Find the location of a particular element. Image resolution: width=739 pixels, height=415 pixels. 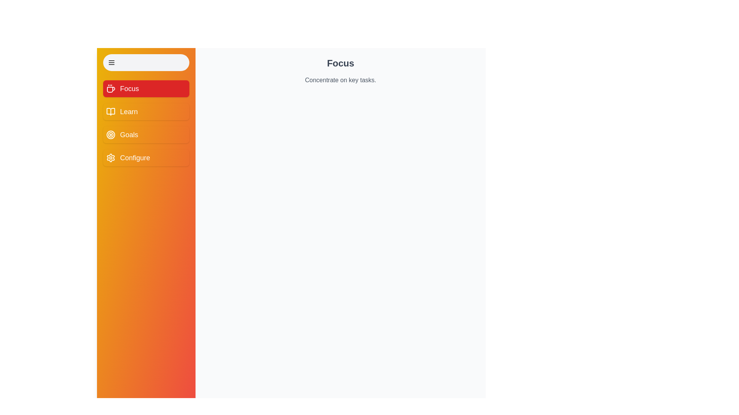

toggle button to change the drawer's expanded state is located at coordinates (146, 62).